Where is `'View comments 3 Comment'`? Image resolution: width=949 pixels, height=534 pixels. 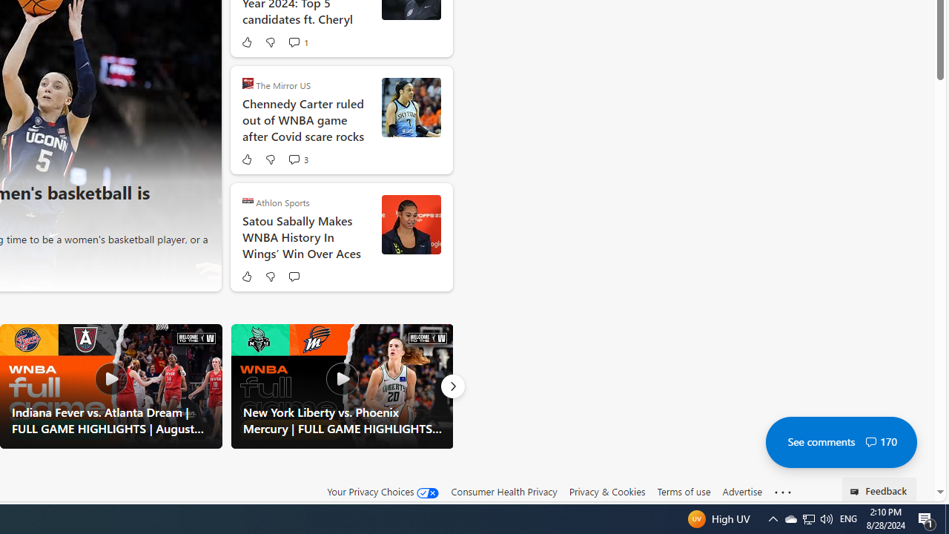
'View comments 3 Comment' is located at coordinates (297, 159).